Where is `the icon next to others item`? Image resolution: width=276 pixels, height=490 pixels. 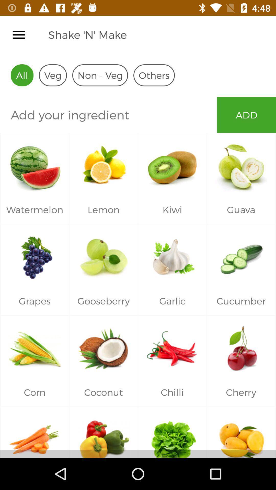 the icon next to others item is located at coordinates (100, 75).